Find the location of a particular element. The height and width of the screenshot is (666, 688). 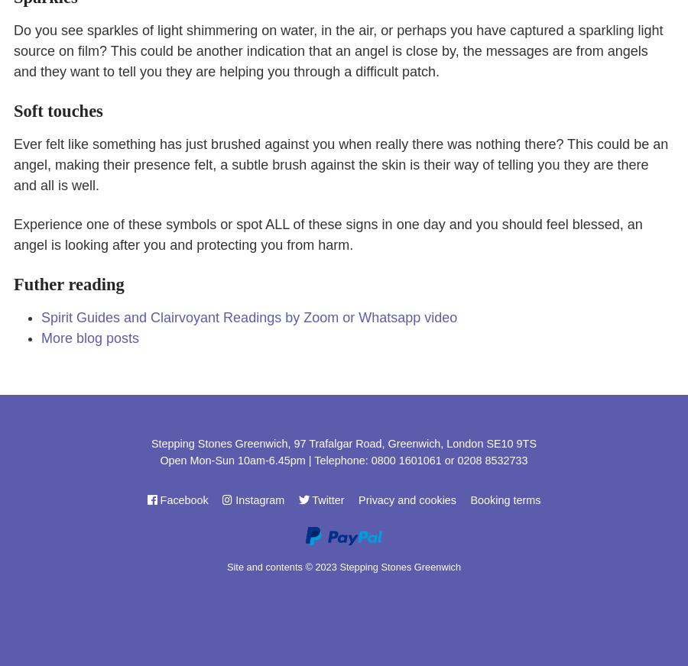

'Do you see sparkles of light shimmering on water, in the air, or perhaps you have captured a sparkling light source on film? This could be another indication that an angel is close by, the messages are from angels and they want to tell you they are helping you through a difficult patch.' is located at coordinates (338, 50).